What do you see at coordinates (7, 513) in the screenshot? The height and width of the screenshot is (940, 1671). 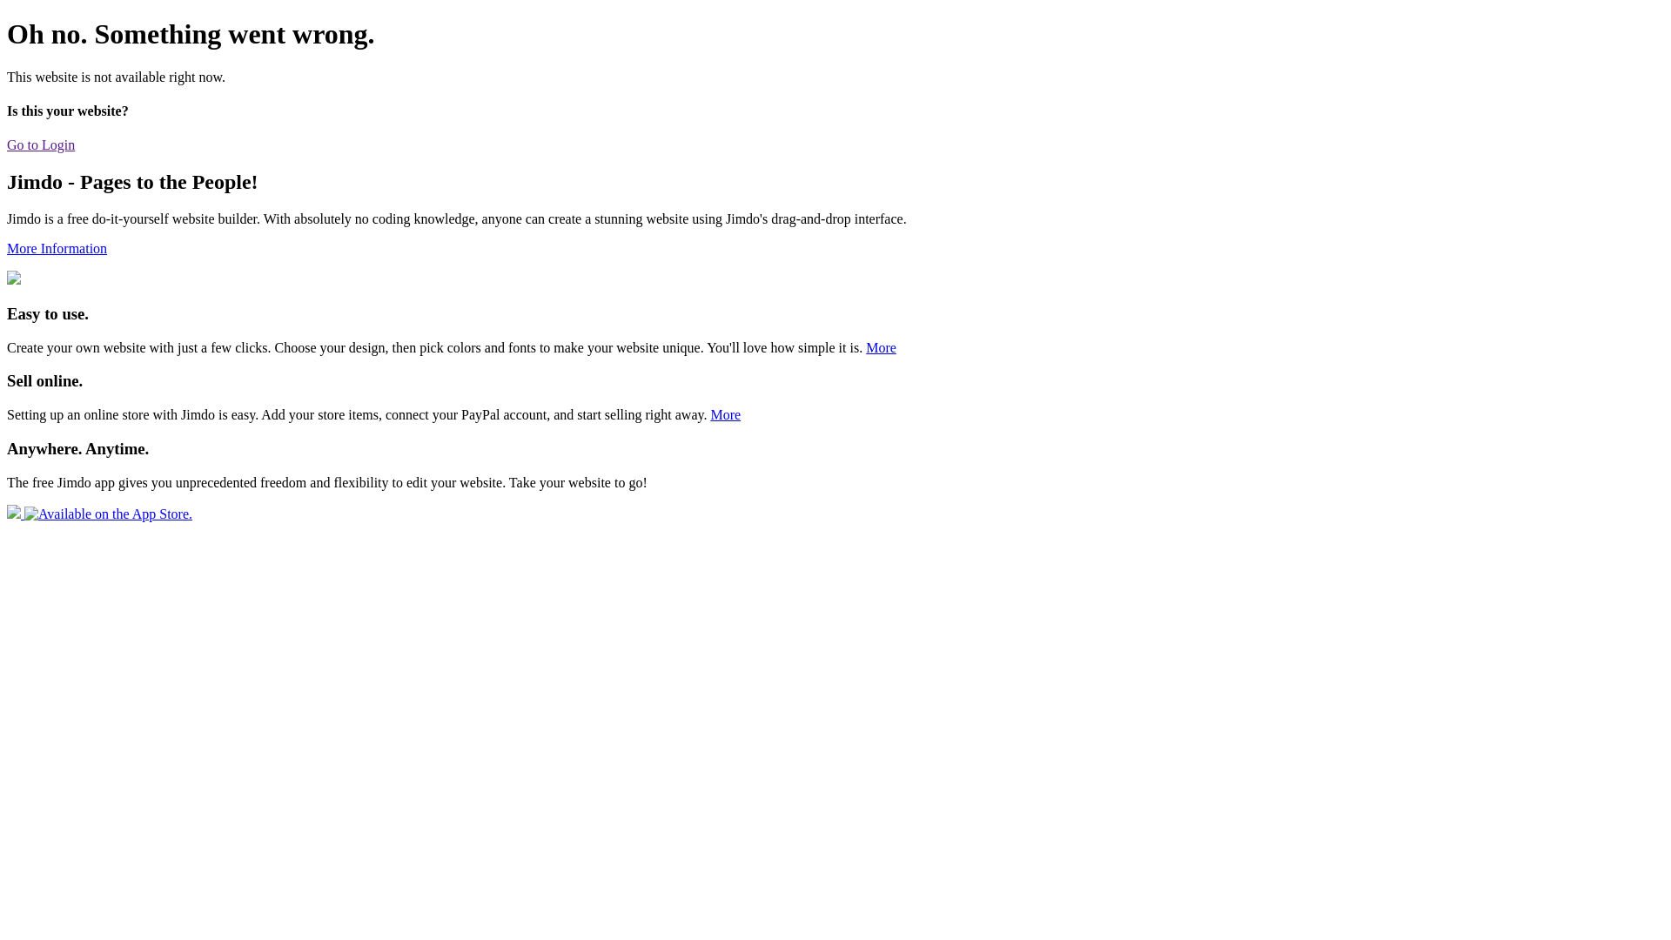 I see `'Available on the App Store.'` at bounding box center [7, 513].